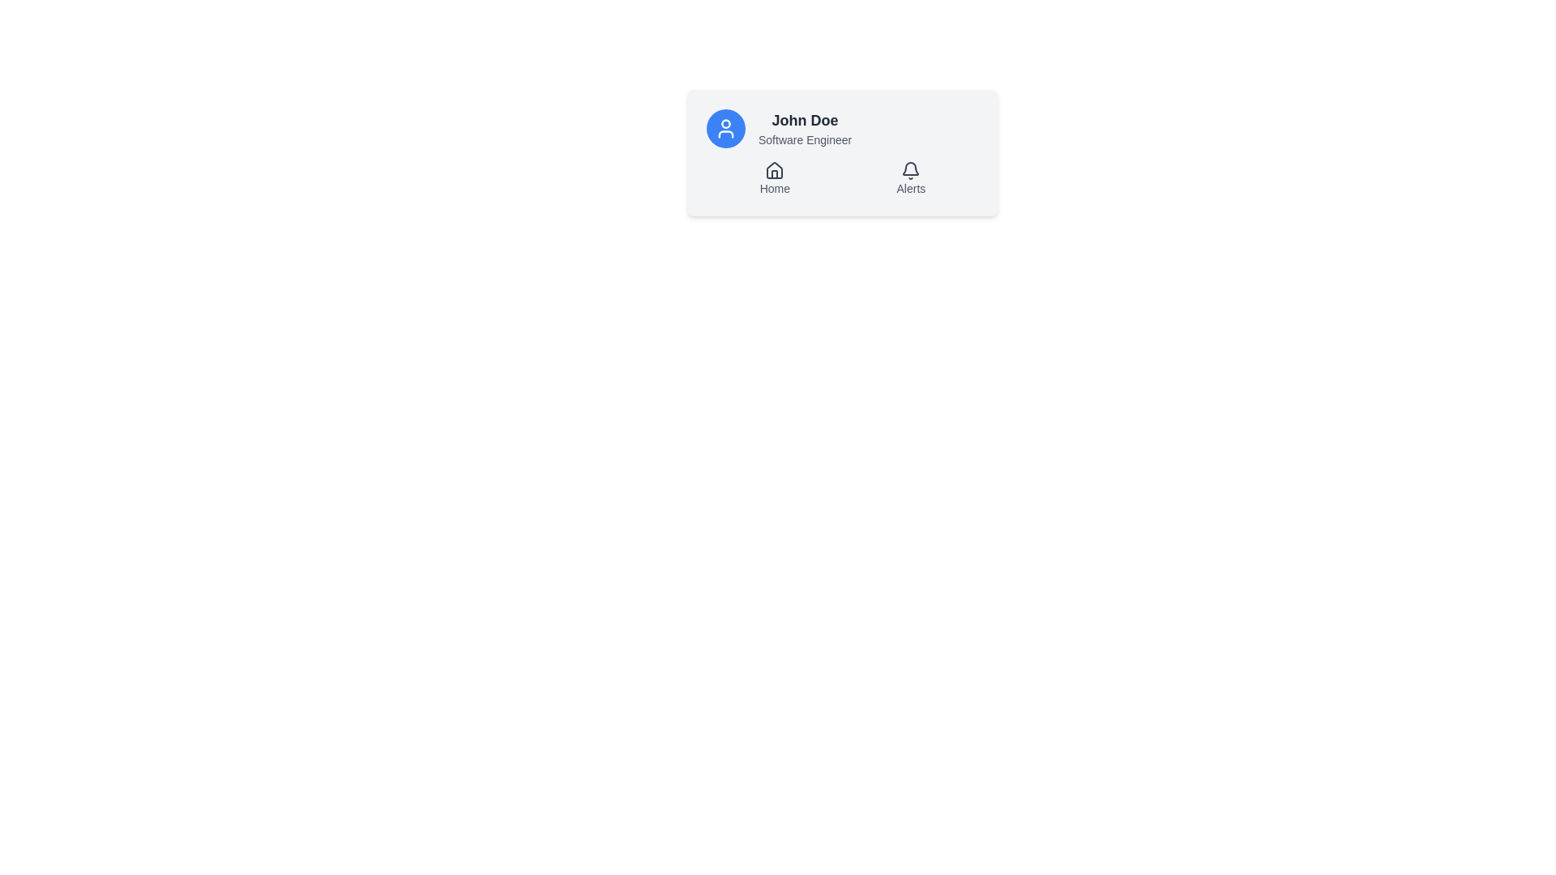 The height and width of the screenshot is (875, 1556). I want to click on the small house-shaped icon, which is dark gray and located centrally above the label 'Home', so click(774, 171).